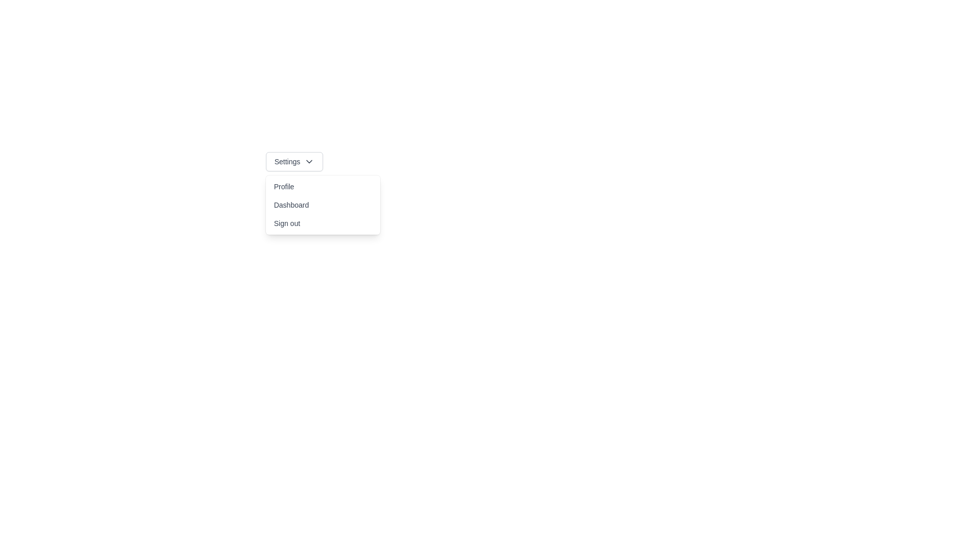 The image size is (980, 551). Describe the element at coordinates (293, 161) in the screenshot. I see `the 'Settings' dropdown menu activator` at that location.